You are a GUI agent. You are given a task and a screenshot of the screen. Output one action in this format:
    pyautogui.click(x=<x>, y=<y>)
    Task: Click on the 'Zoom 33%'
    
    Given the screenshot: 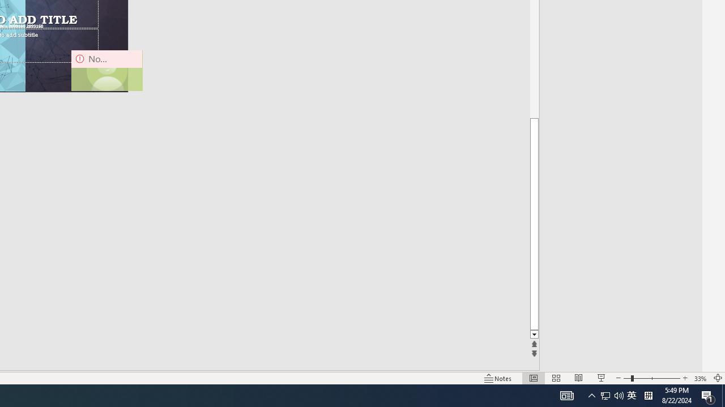 What is the action you would take?
    pyautogui.click(x=700, y=378)
    